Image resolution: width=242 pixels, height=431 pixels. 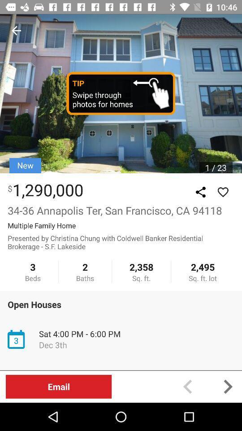 I want to click on gallery, so click(x=200, y=192).